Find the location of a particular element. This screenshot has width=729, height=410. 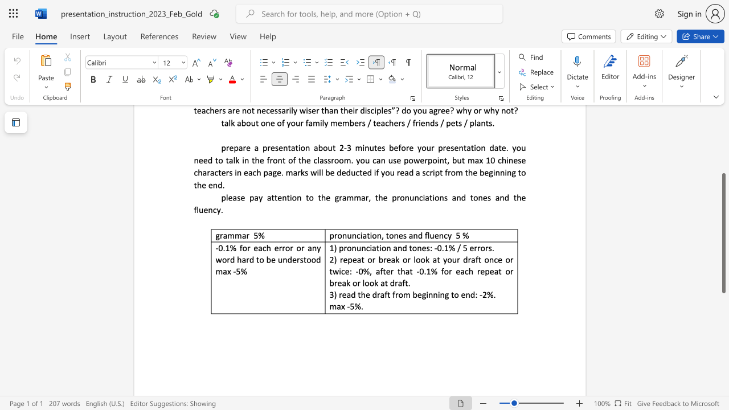

the scrollbar to move the view up is located at coordinates (723, 141).